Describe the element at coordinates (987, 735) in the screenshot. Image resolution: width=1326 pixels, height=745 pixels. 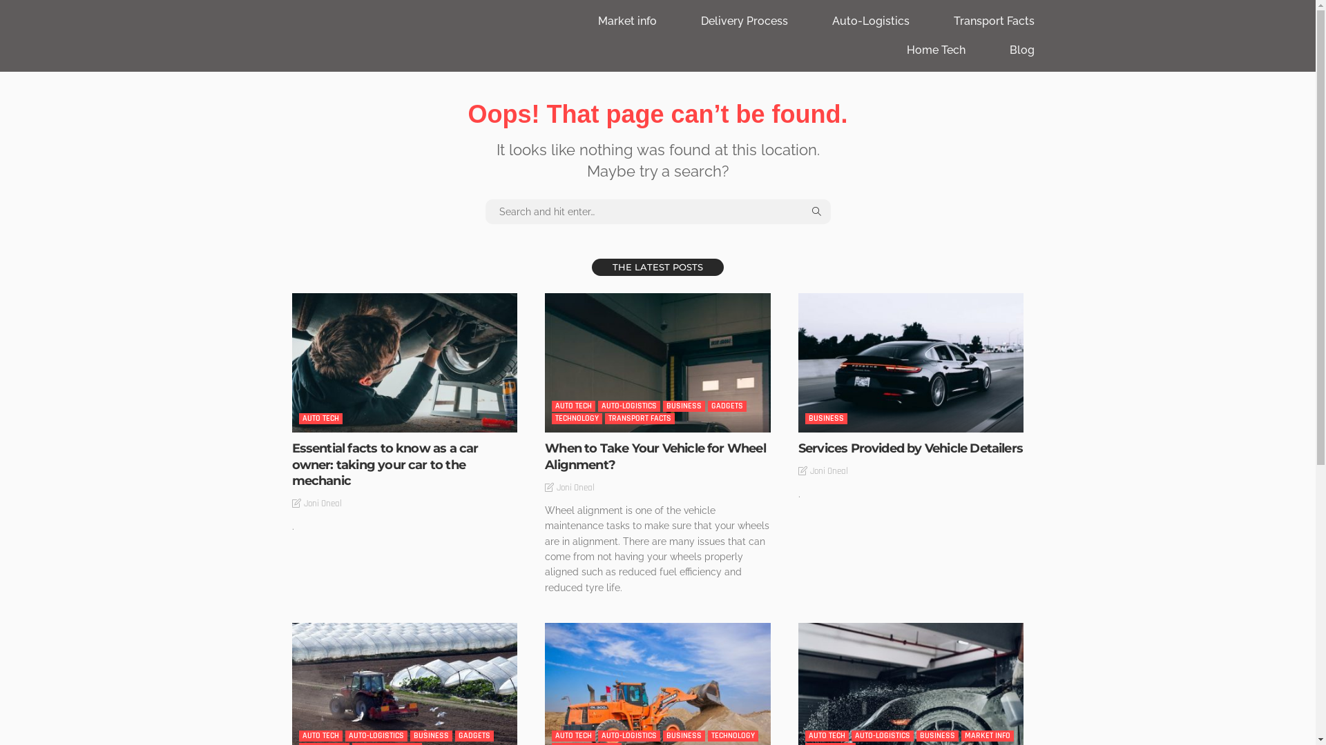
I see `'MARKET INFO'` at that location.